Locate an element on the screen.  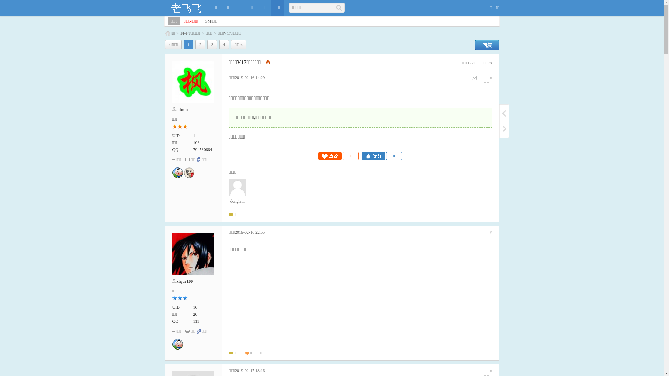
'dongla...' is located at coordinates (237, 191).